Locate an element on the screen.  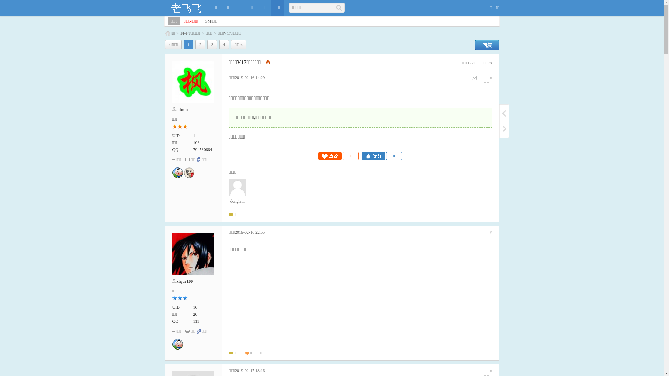
'dongla...' is located at coordinates (237, 191).